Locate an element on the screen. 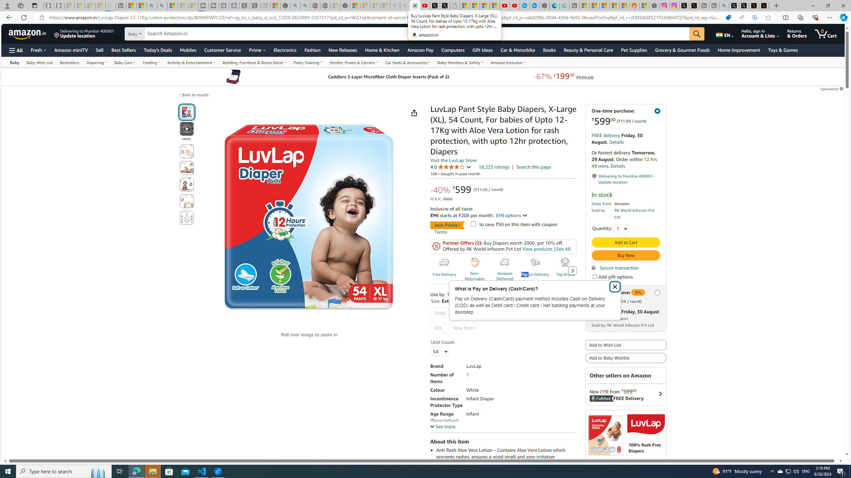  'Nordace - Nordace Siena Is Not An Ordinary Backpack' is located at coordinates (345, 5).